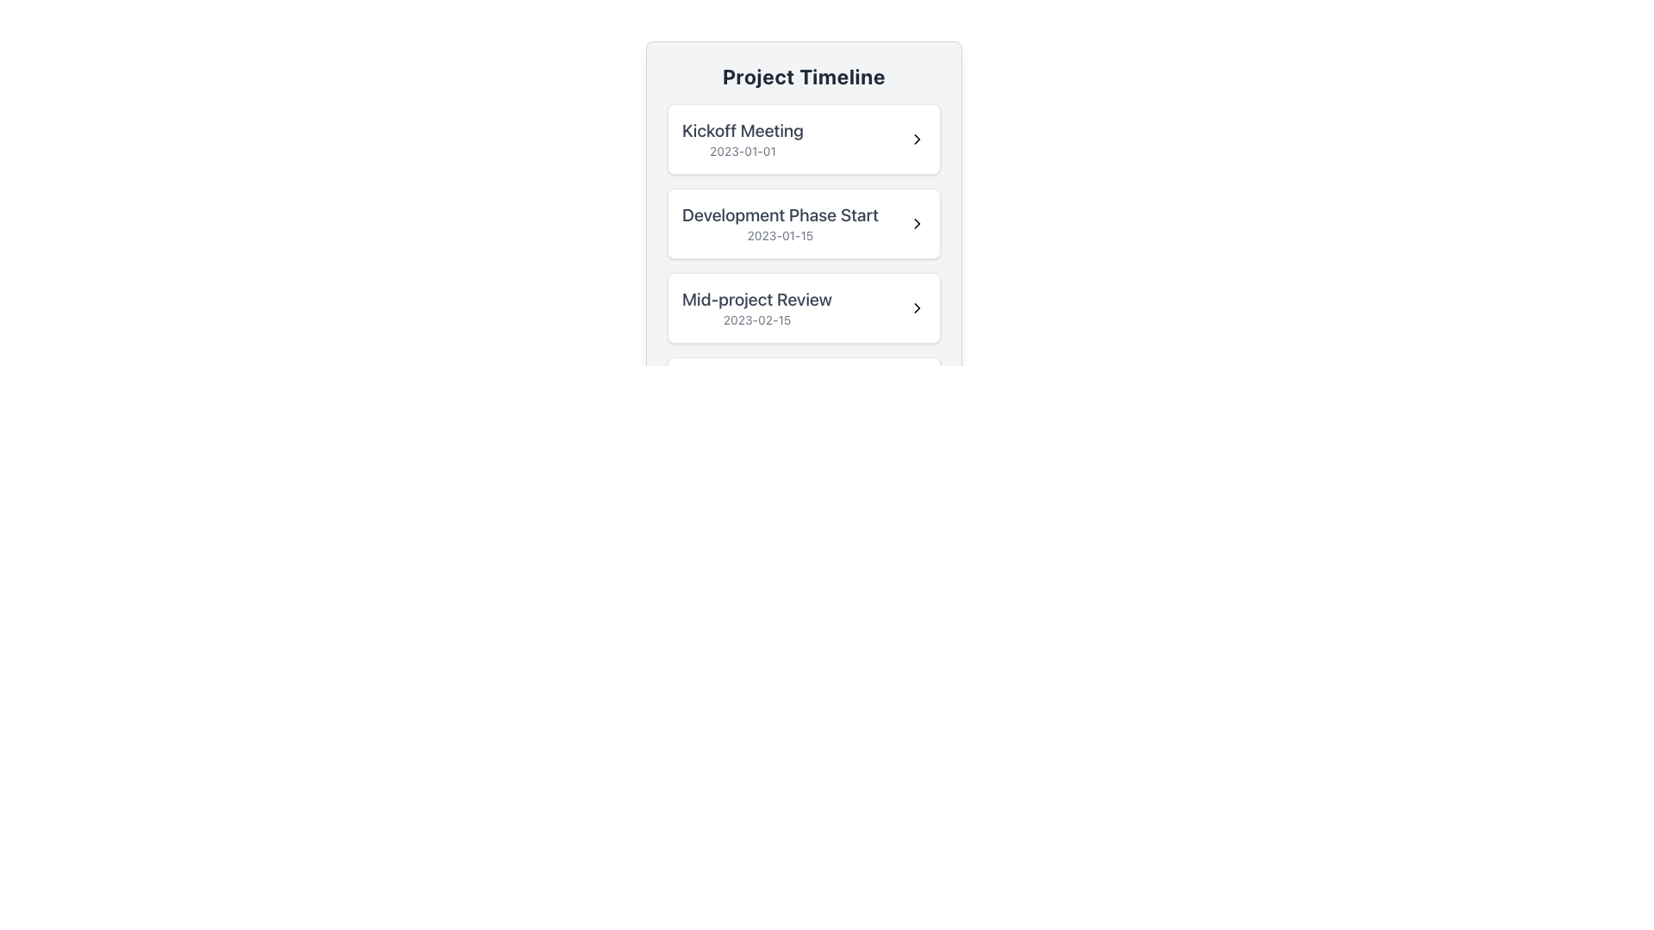  I want to click on text displayed in the text label that shows the date associated with the 'Mid-project Review' milestone, located in the third card under 'Project Timeline.', so click(756, 319).